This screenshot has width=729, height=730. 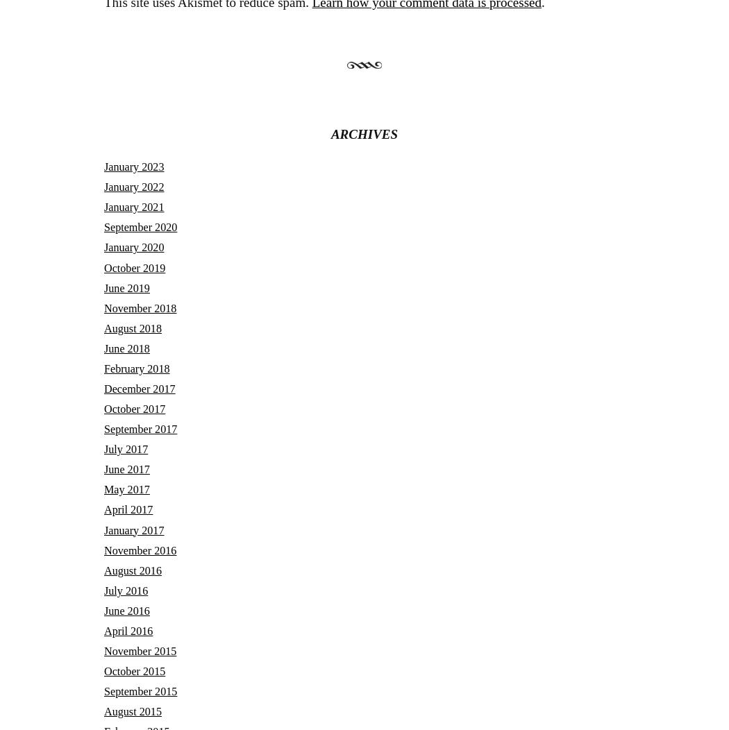 I want to click on 'August 2015', so click(x=104, y=711).